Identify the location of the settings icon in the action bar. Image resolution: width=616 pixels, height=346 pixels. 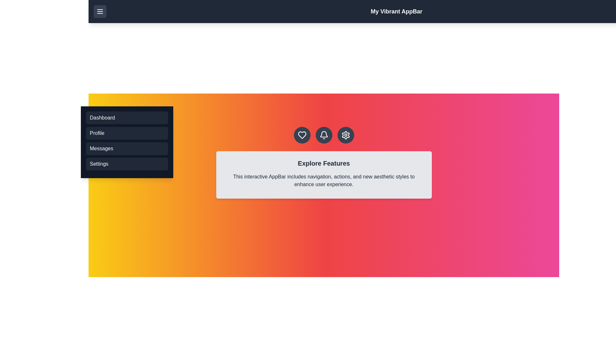
(345, 135).